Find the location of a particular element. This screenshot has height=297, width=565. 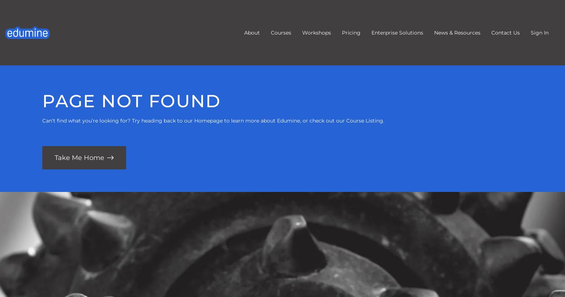

'Can’t find what you’re looking for? Try heading back to our' is located at coordinates (118, 120).